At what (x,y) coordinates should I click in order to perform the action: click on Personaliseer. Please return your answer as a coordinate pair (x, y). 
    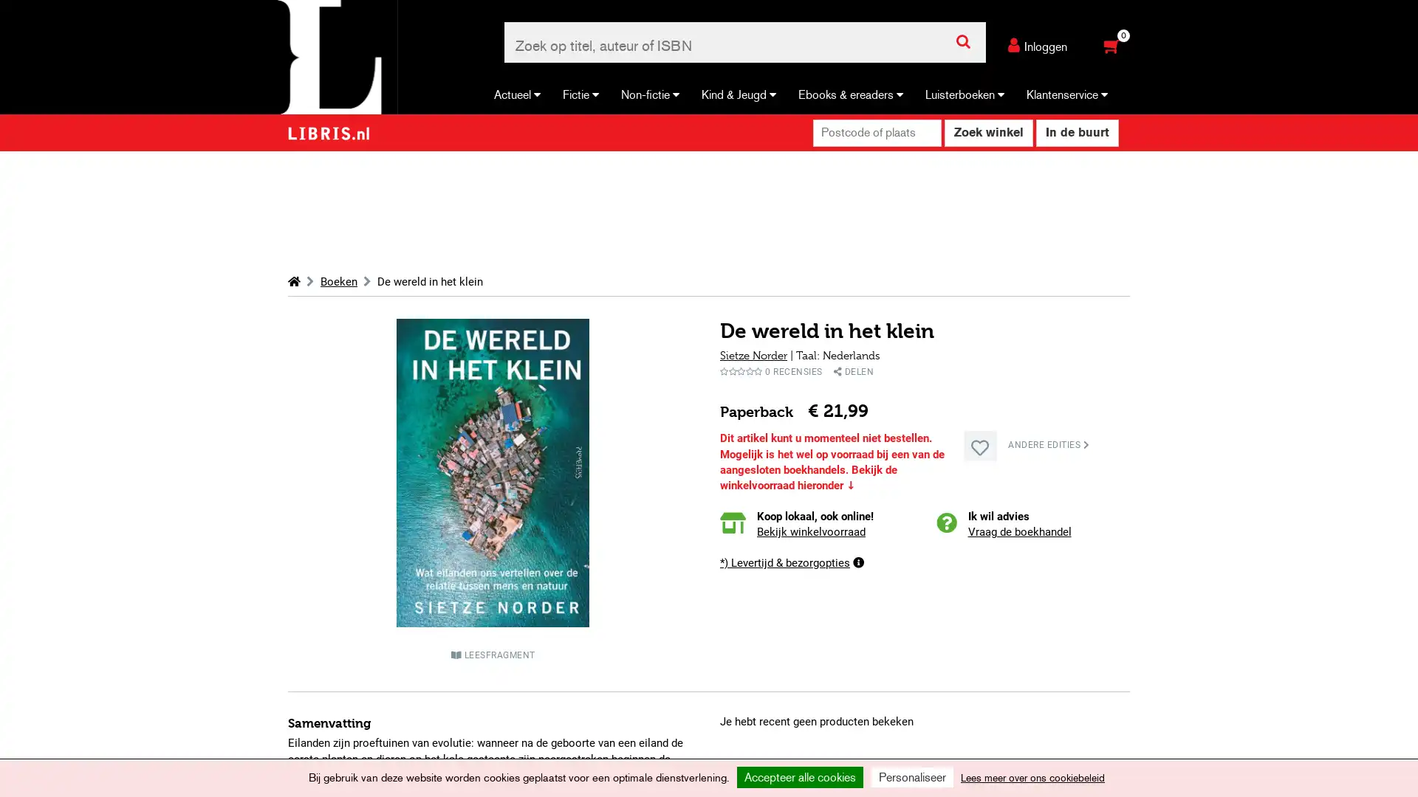
    Looking at the image, I should click on (911, 776).